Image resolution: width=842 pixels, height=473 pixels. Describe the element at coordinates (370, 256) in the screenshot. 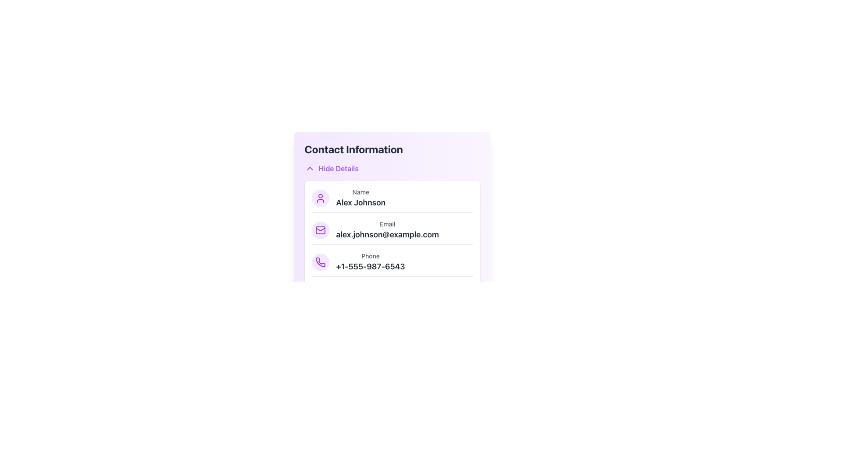

I see `the 'Phone' label, which is styled with a small font size, medium weight, and gray color, located above the phone number in the contact information card` at that location.